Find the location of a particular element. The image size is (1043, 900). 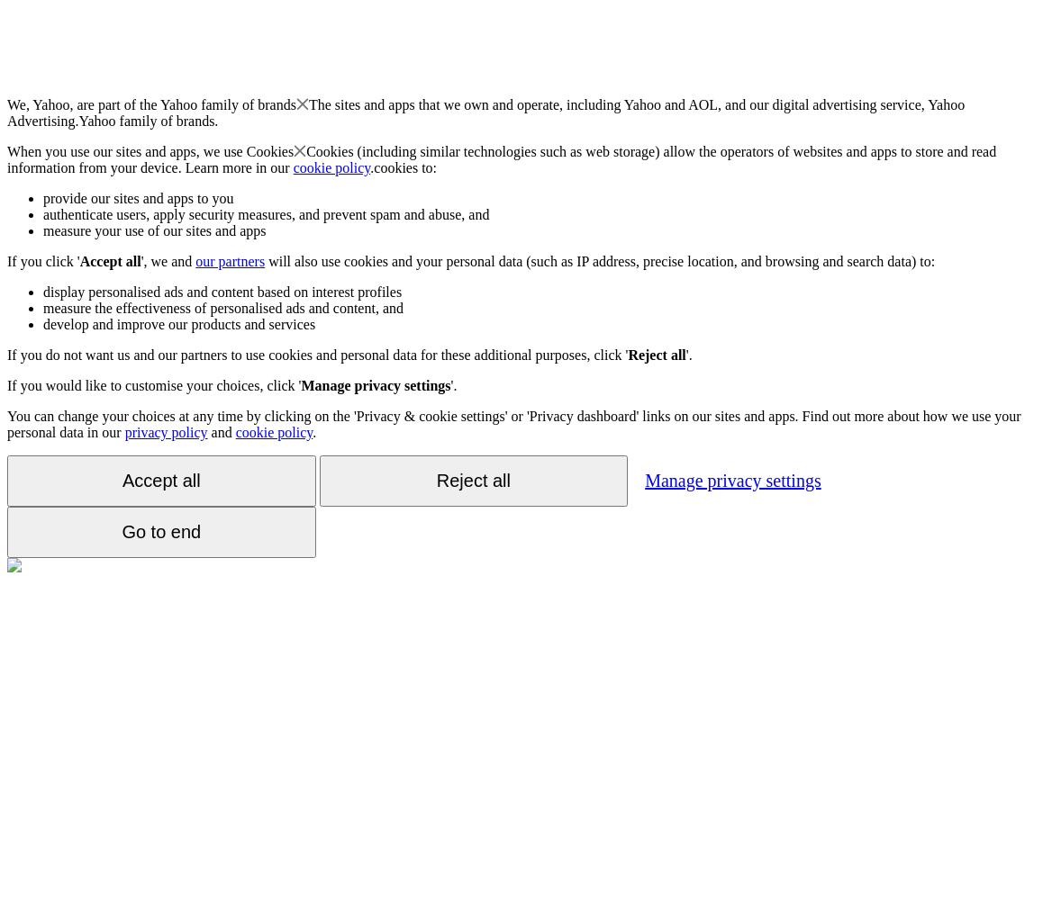

'If you do not want us and our partners to use cookies and personal data for these additional purposes, click '' is located at coordinates (316, 355).